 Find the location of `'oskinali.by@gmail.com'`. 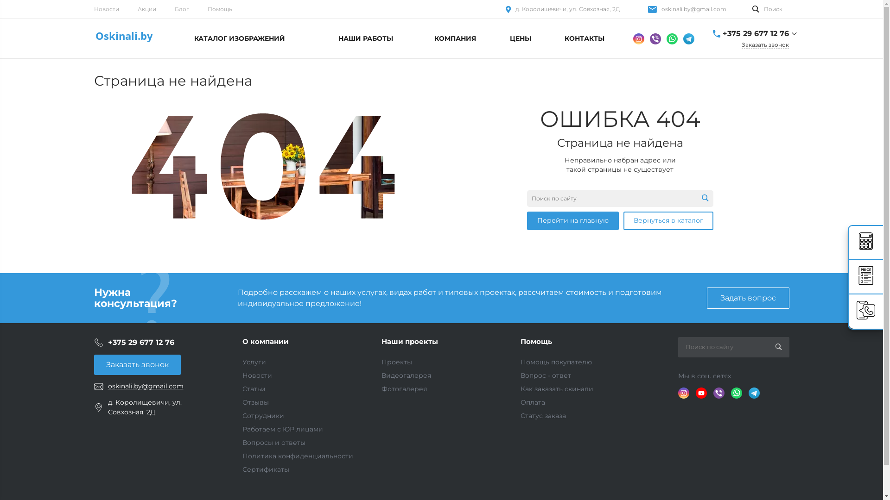

'oskinali.by@gmail.com' is located at coordinates (145, 386).